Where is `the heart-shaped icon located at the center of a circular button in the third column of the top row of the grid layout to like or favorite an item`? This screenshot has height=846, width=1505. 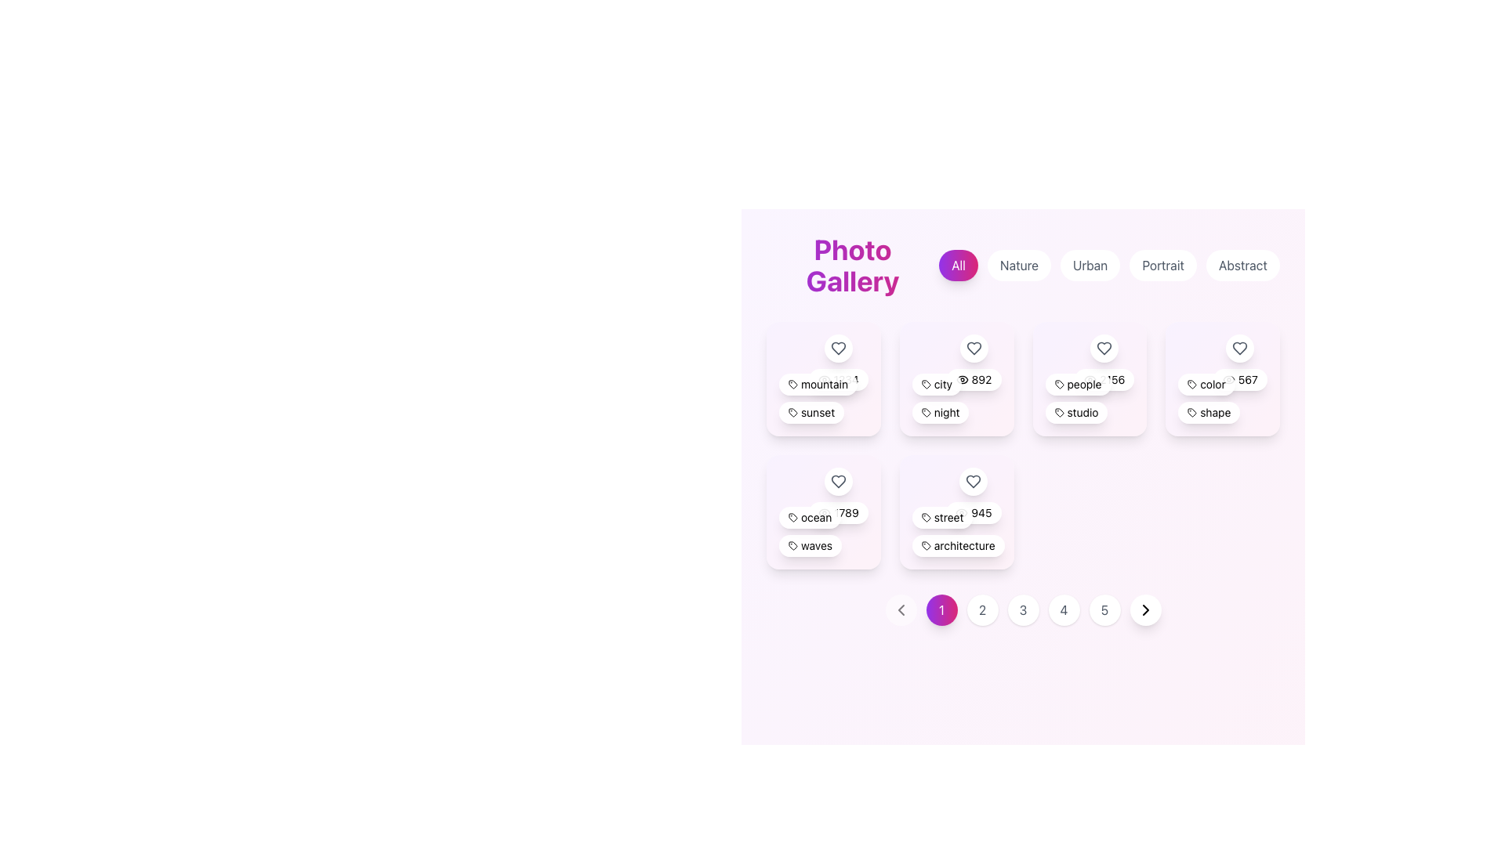
the heart-shaped icon located at the center of a circular button in the third column of the top row of the grid layout to like or favorite an item is located at coordinates (1104, 347).